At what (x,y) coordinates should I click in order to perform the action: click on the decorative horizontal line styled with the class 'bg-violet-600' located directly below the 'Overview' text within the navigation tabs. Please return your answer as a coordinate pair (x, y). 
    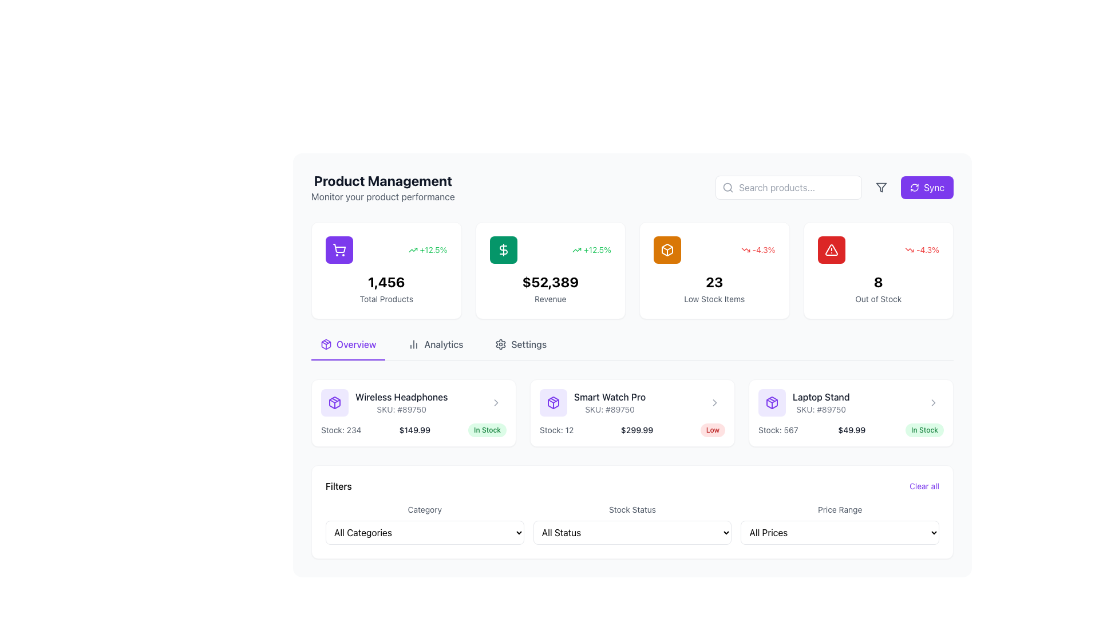
    Looking at the image, I should click on (347, 359).